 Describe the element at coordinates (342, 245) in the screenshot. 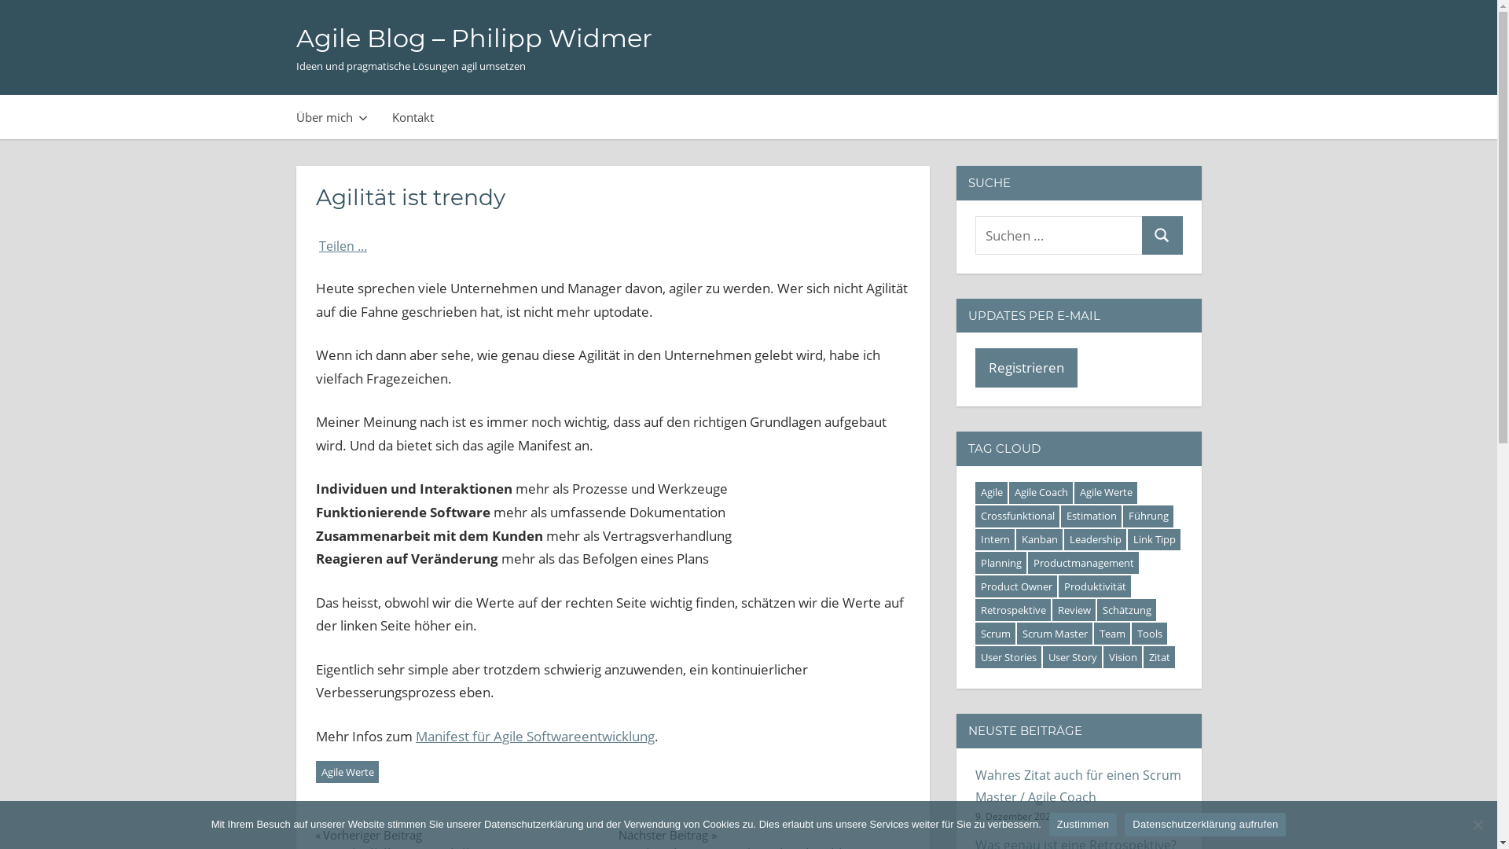

I see `'Teilen ...'` at that location.